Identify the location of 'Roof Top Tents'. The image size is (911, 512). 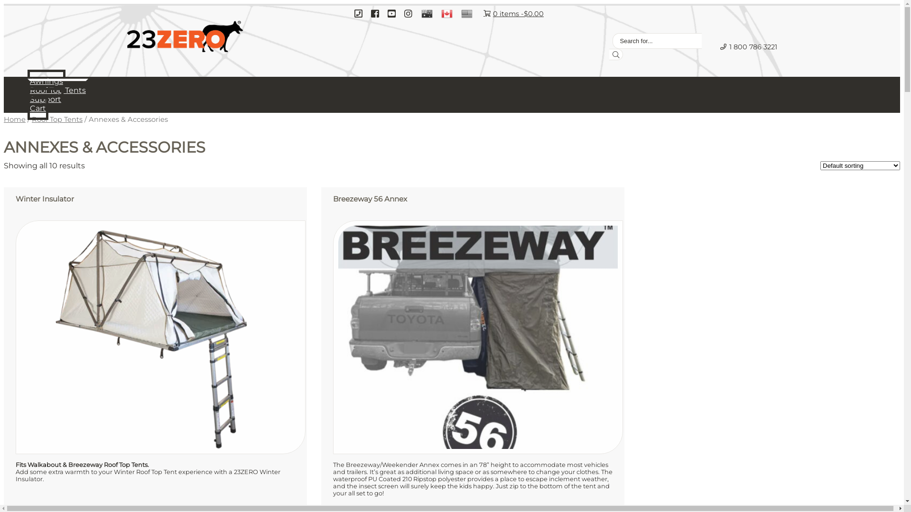
(57, 90).